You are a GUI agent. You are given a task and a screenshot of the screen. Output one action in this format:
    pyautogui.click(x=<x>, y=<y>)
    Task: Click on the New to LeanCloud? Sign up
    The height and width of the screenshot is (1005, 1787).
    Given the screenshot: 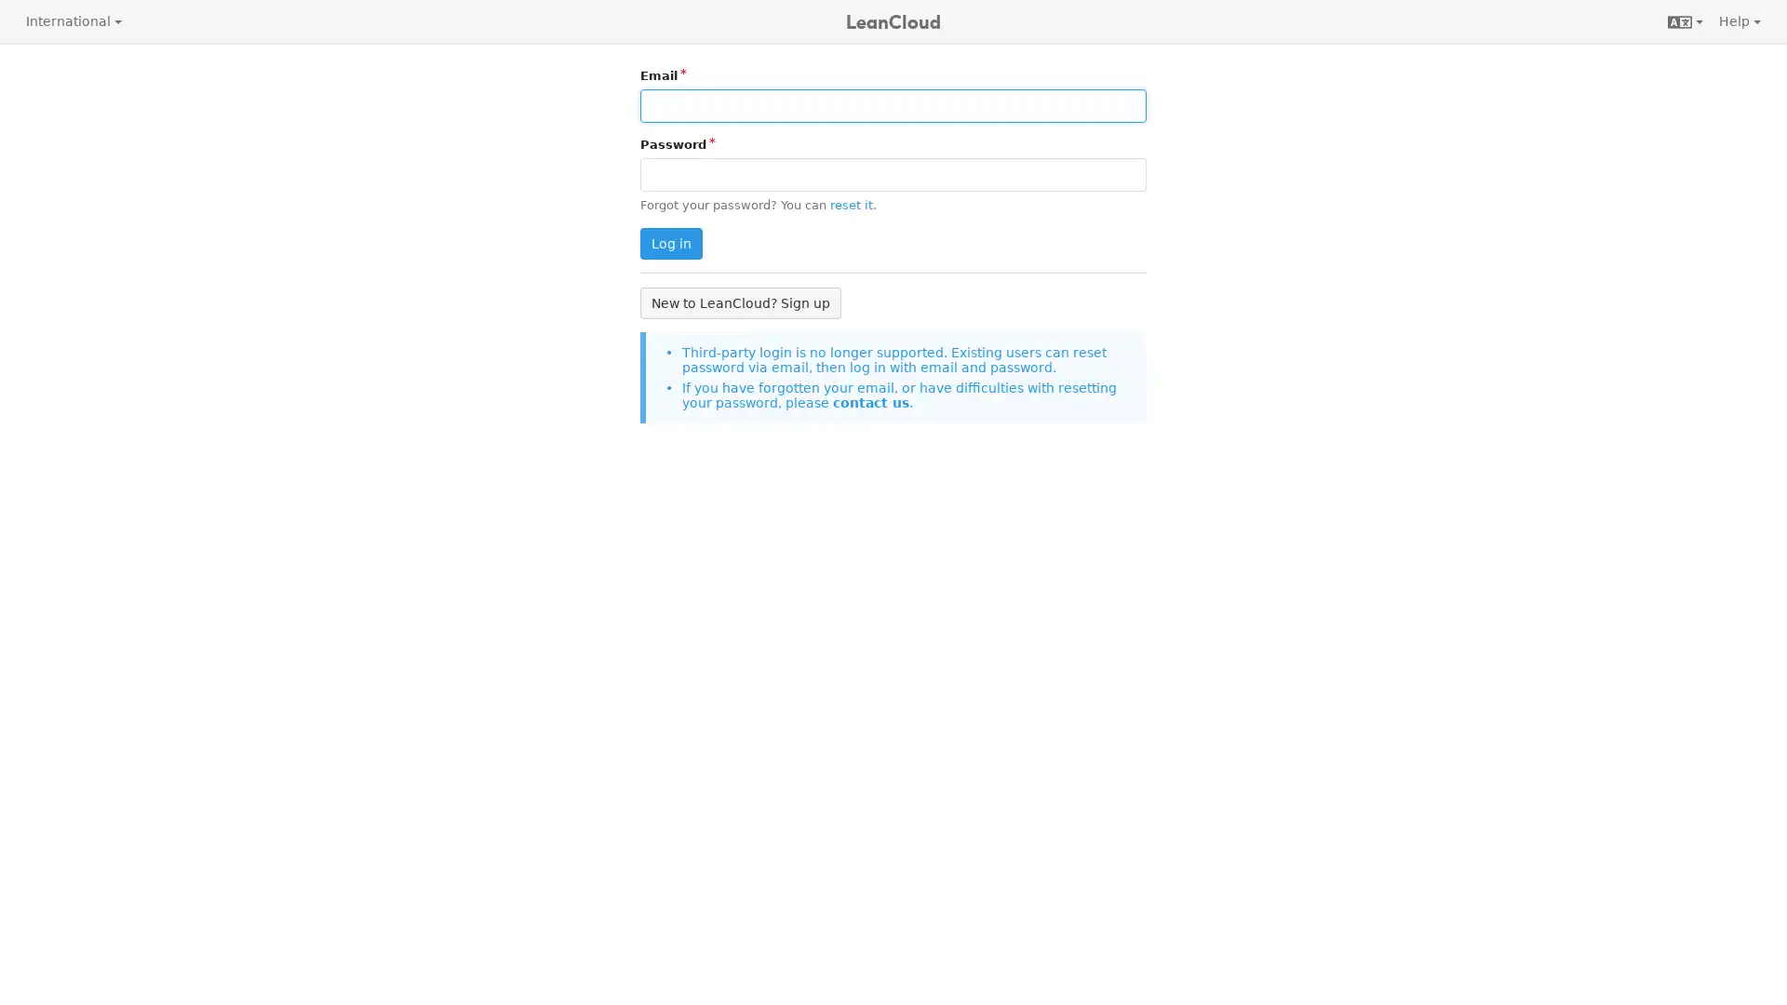 What is the action you would take?
    pyautogui.click(x=740, y=302)
    